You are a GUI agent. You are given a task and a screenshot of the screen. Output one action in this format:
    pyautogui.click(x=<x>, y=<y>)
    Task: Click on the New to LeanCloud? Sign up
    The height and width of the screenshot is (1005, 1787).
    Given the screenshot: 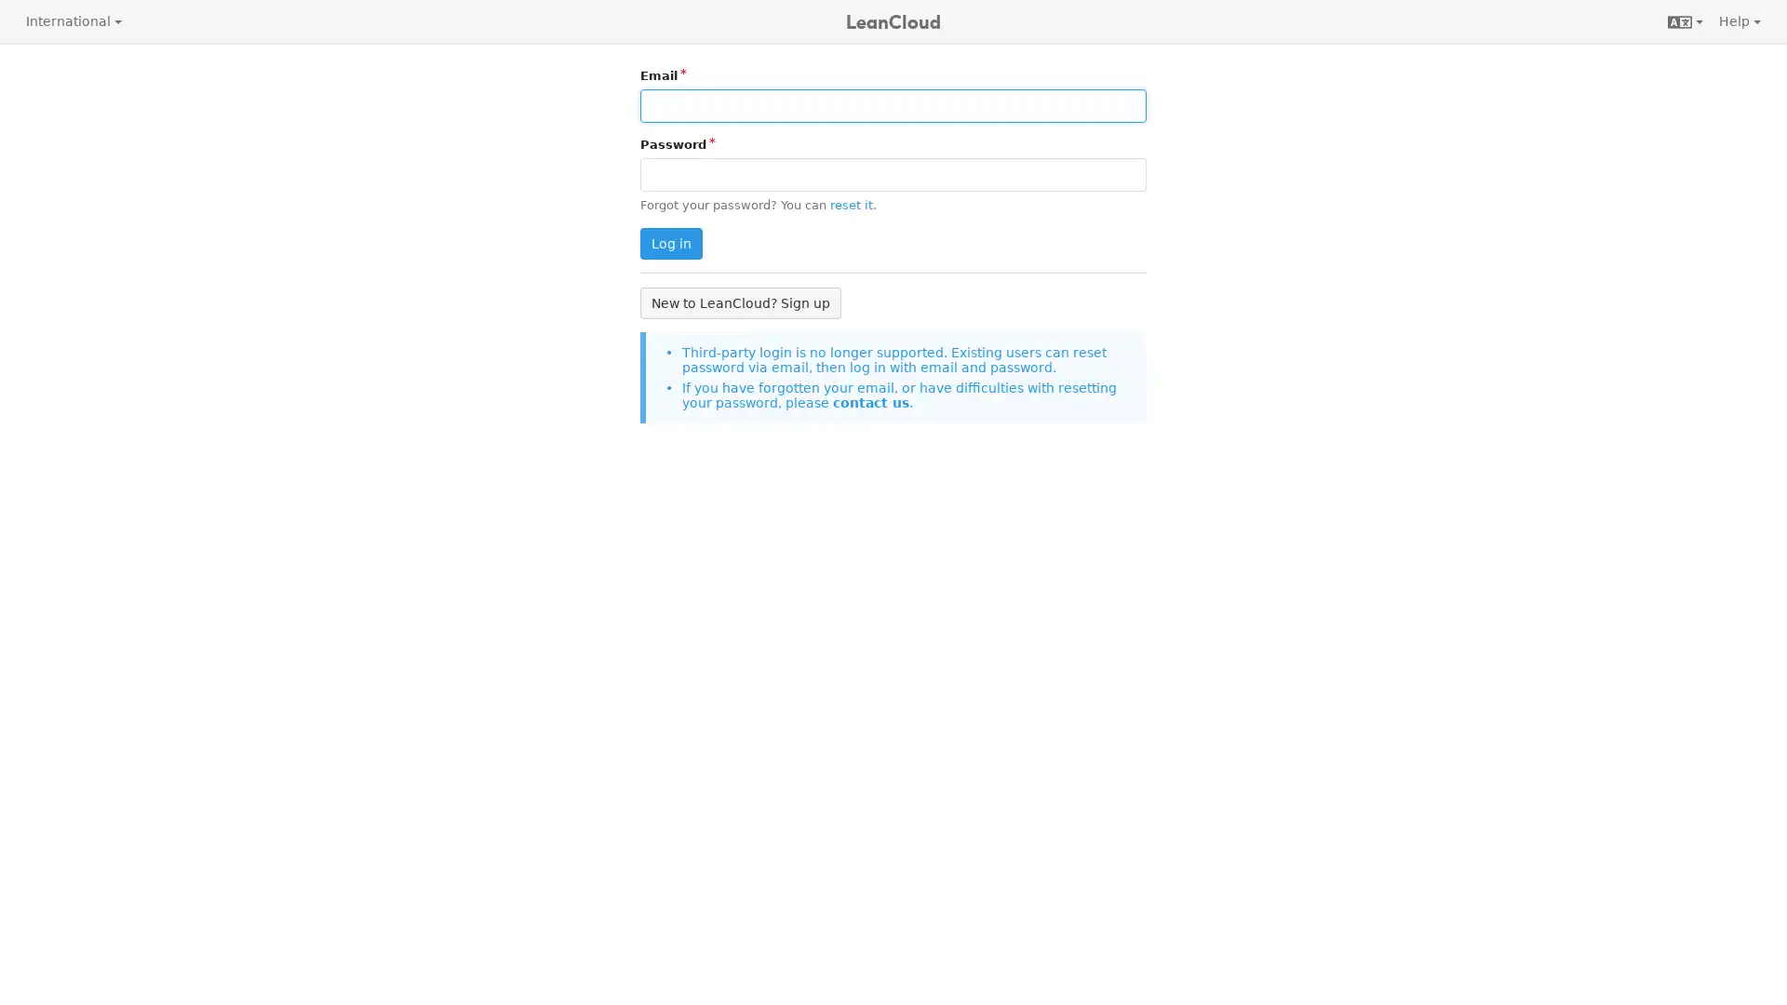 What is the action you would take?
    pyautogui.click(x=740, y=302)
    